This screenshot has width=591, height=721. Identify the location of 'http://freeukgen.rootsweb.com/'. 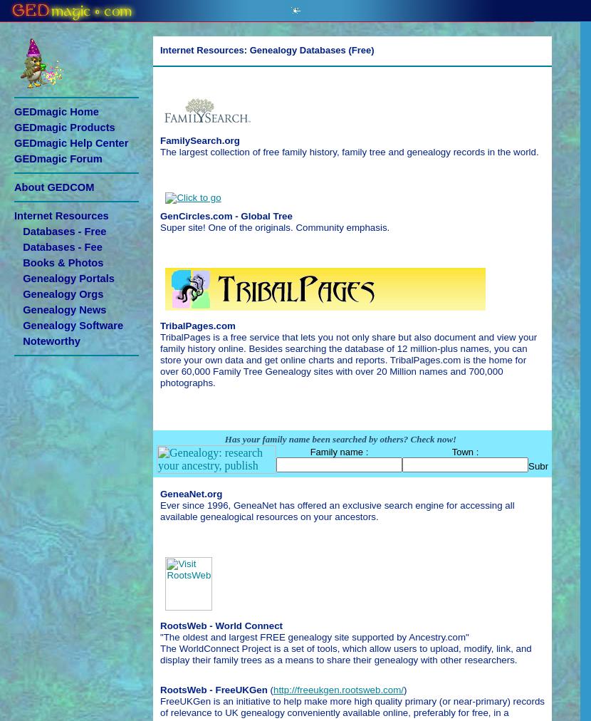
(337, 689).